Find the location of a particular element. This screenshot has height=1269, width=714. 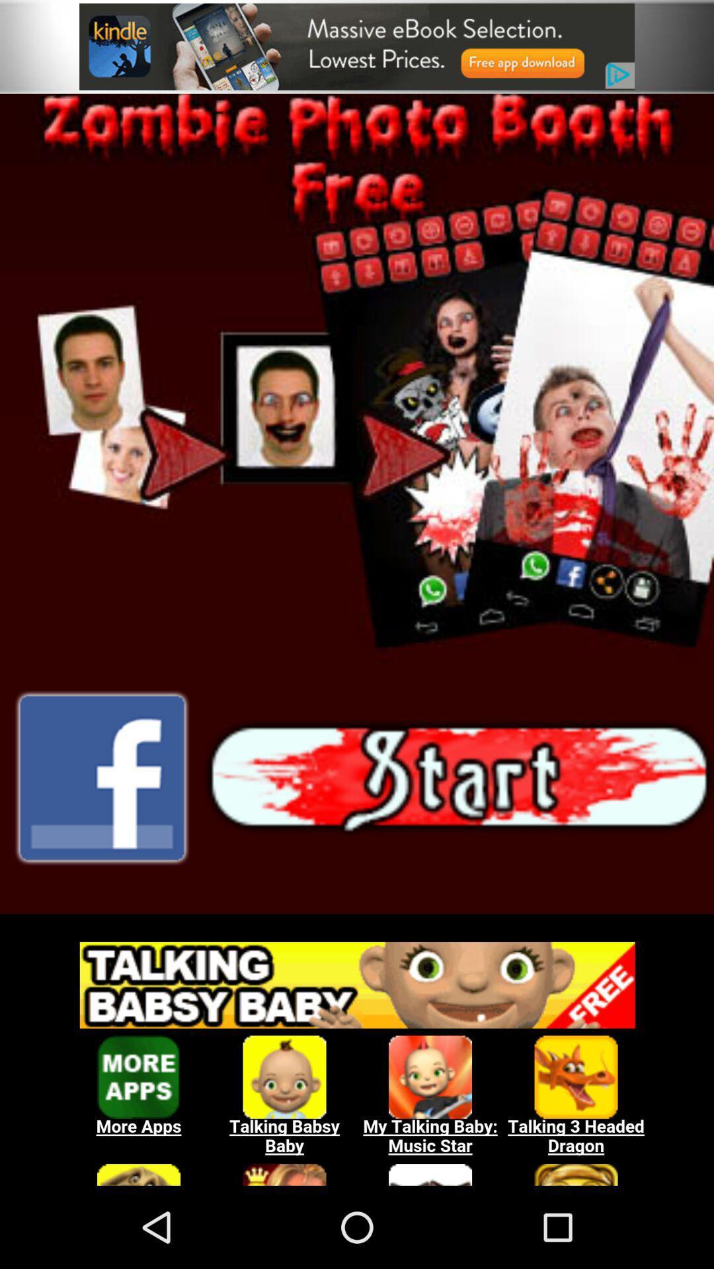

share to facebook is located at coordinates (101, 778).